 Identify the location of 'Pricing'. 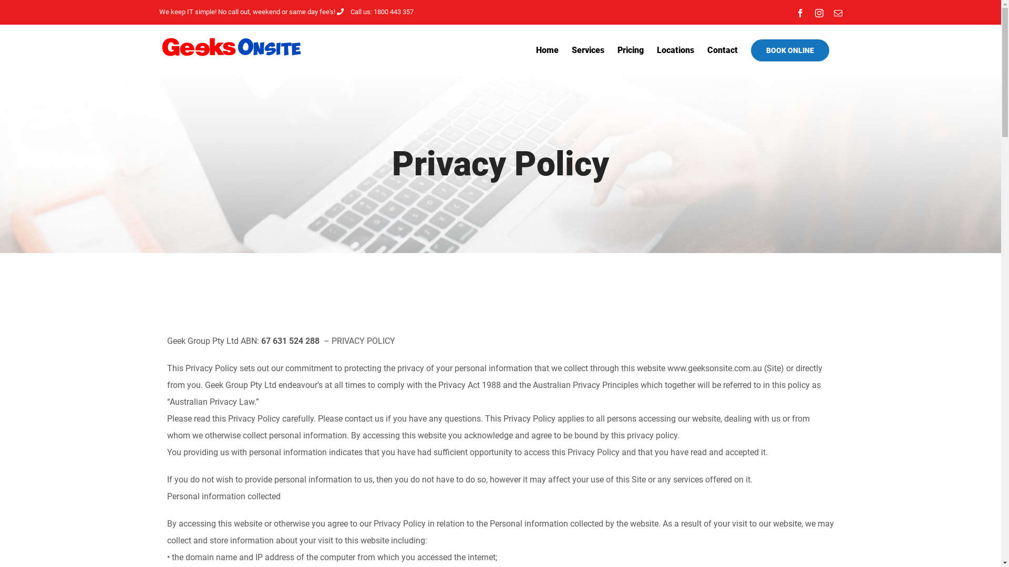
(630, 50).